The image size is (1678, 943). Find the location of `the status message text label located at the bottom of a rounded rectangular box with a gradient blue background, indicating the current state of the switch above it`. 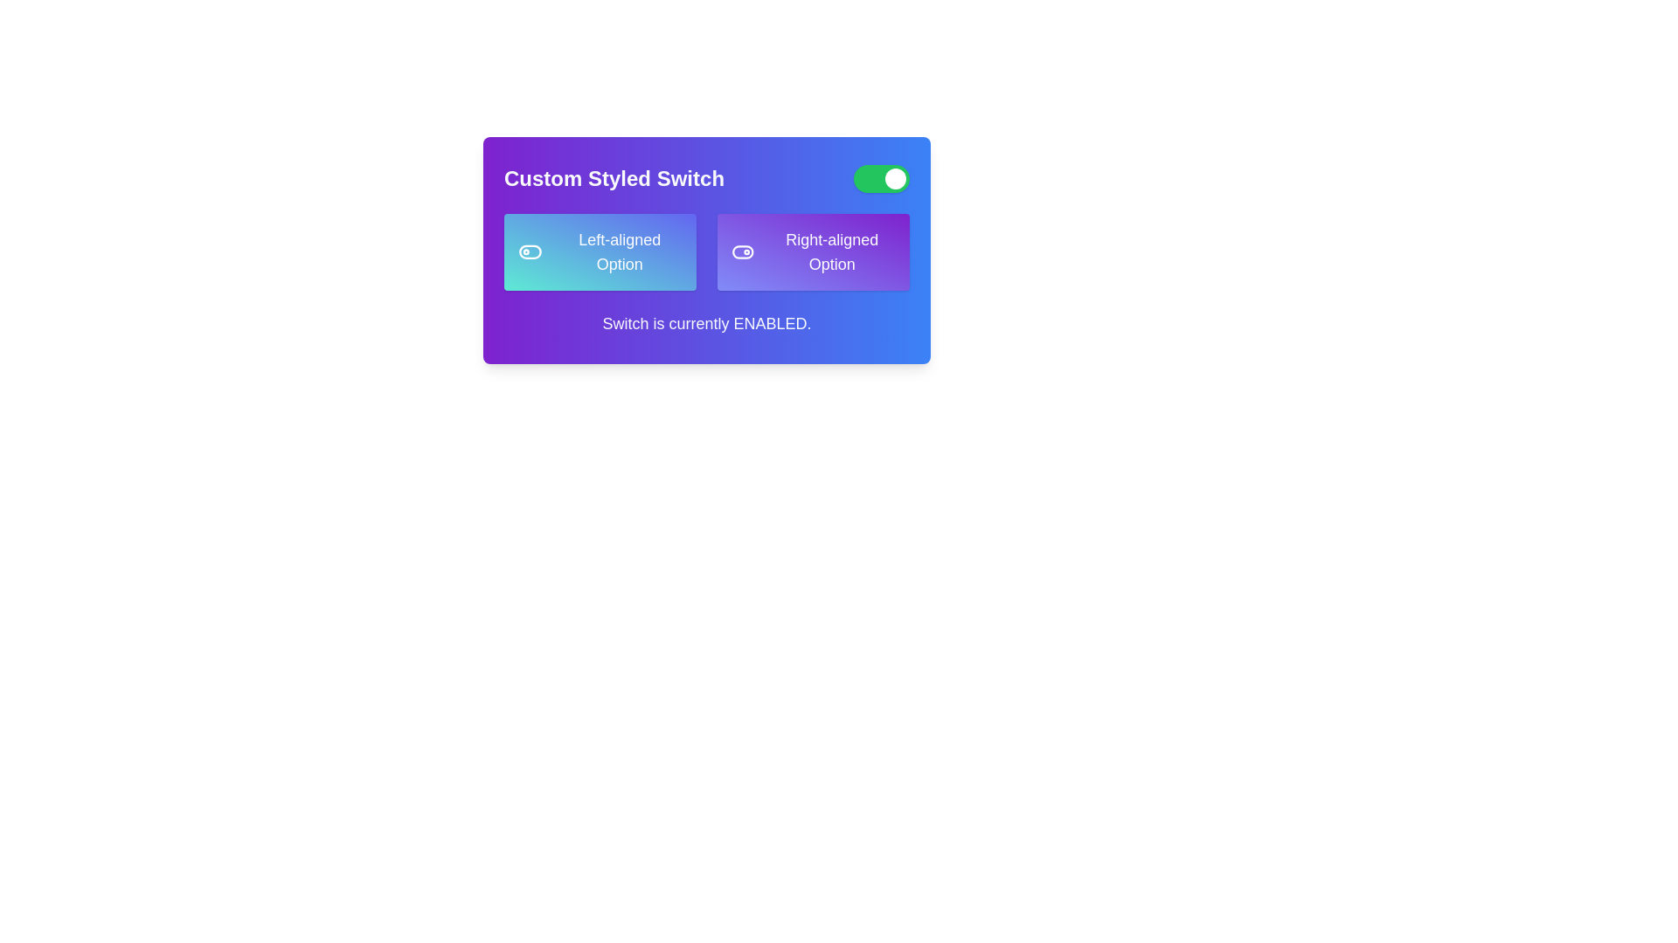

the status message text label located at the bottom of a rounded rectangular box with a gradient blue background, indicating the current state of the switch above it is located at coordinates (707, 323).